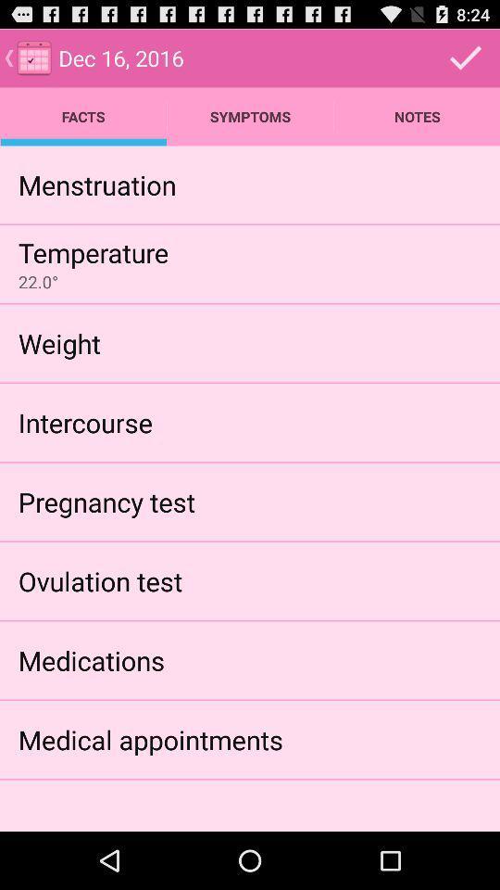  I want to click on the menstruation icon, so click(97, 184).